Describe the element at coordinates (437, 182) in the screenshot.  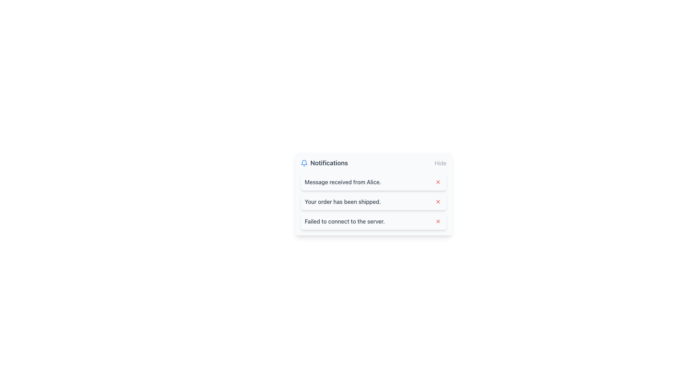
I see `the dismiss Icon button located on the right end of the first notification entry, aligned with the text 'Message received from Alice'` at that location.